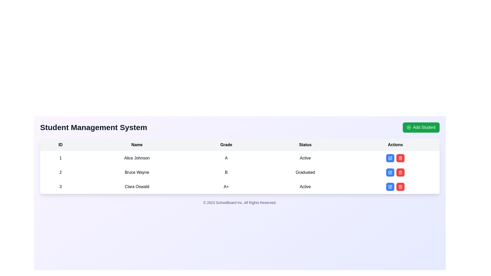  What do you see at coordinates (226, 172) in the screenshot?
I see `the grade display element for the student 'Bruce Wayne' located in the third cell of the second row under the 'Grade' column` at bounding box center [226, 172].